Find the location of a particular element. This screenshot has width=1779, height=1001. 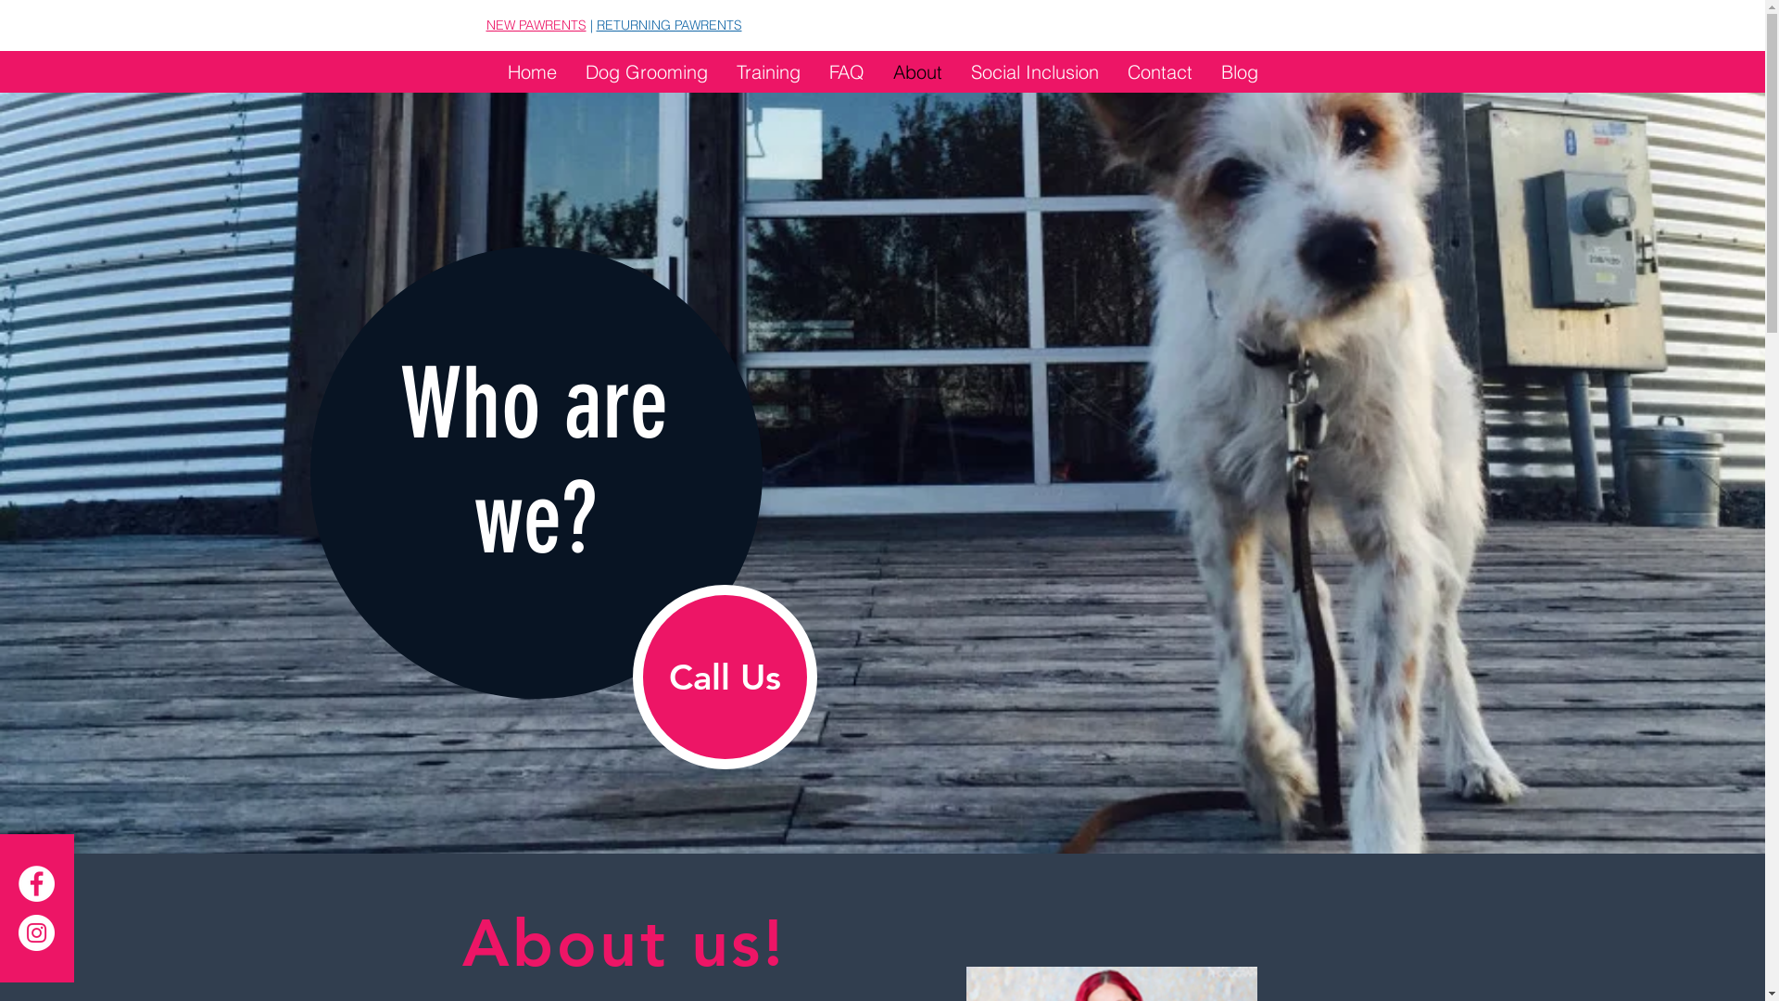

'Blog' is located at coordinates (1205, 70).